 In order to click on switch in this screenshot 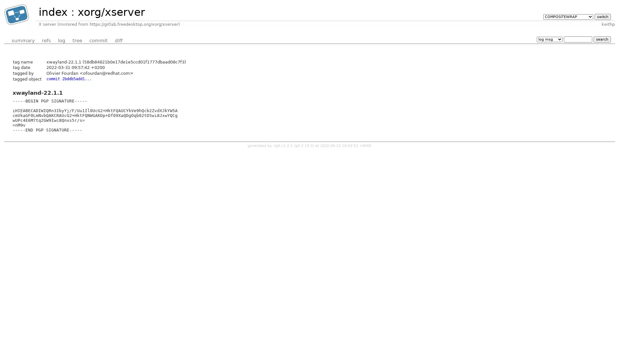, I will do `click(602, 16)`.